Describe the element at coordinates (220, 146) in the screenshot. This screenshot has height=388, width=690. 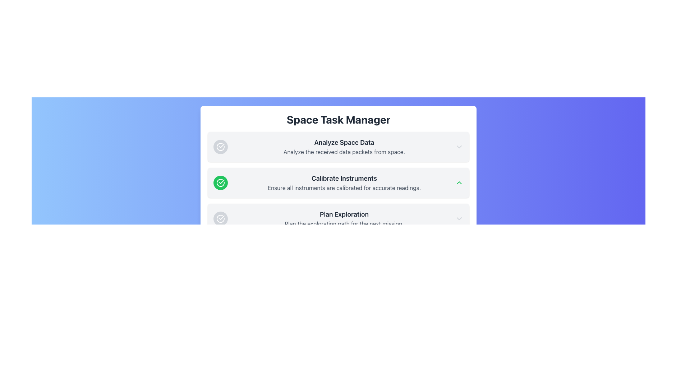
I see `the circular status indicator icon that represents the completion status of the 'Analyze Space Data' task, located to the left of the title text` at that location.